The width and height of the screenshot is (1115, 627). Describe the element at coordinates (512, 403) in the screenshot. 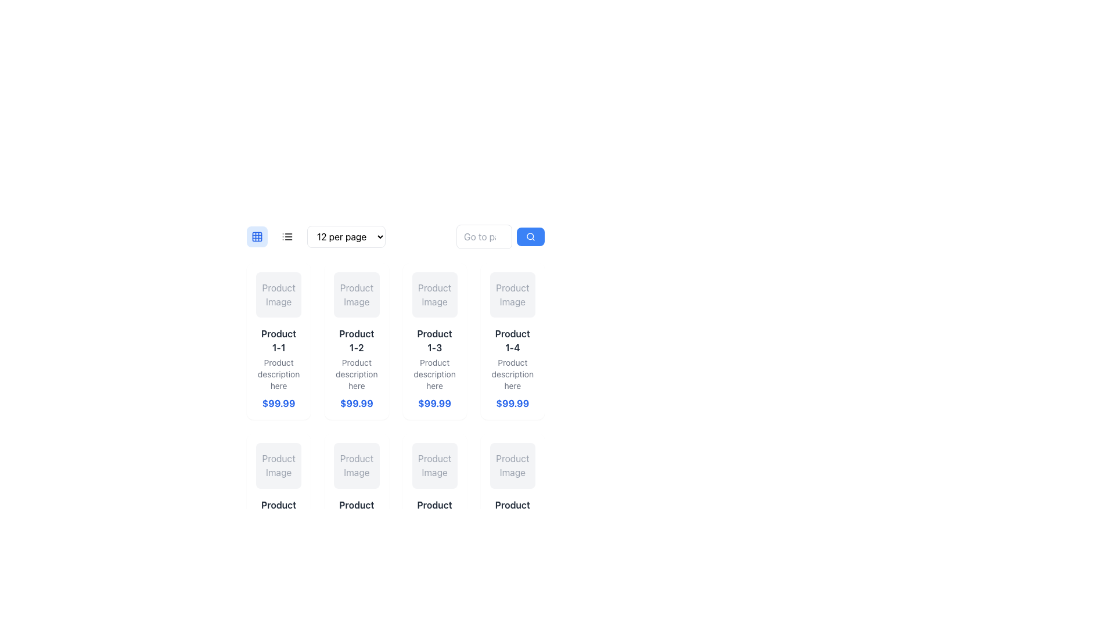

I see `the static text display element showing the price '$99.99' in bold blue font, which is part of the product listing on the online store interface` at that location.